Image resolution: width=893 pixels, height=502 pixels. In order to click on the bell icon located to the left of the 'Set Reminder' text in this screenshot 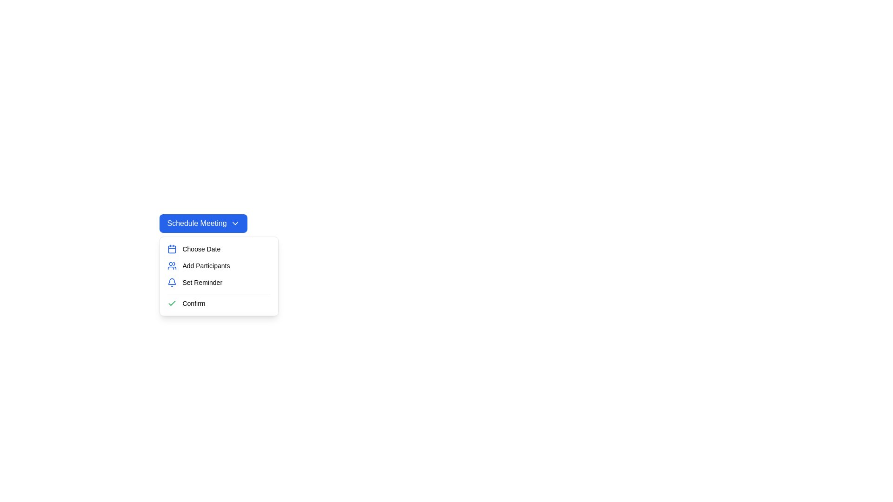, I will do `click(172, 282)`.